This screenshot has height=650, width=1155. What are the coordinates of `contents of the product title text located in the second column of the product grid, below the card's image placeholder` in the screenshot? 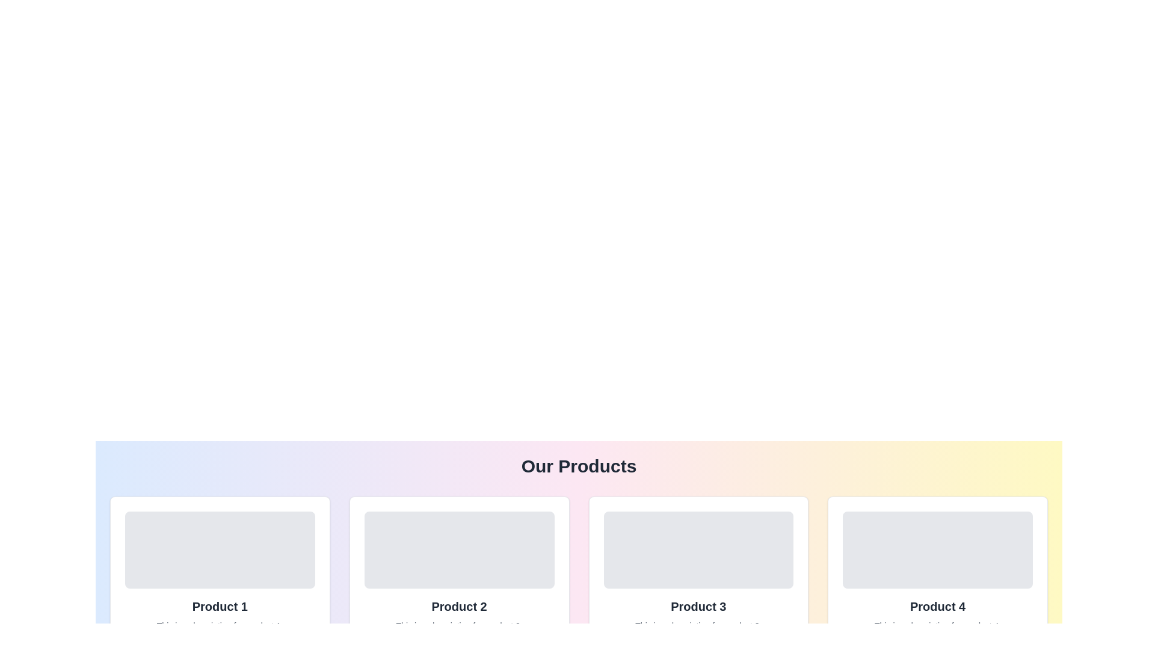 It's located at (458, 606).